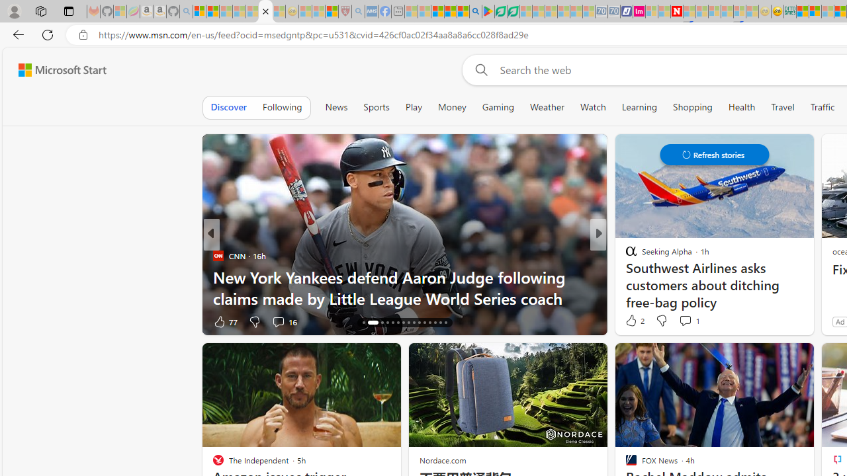  I want to click on '20 Like', so click(632, 321).